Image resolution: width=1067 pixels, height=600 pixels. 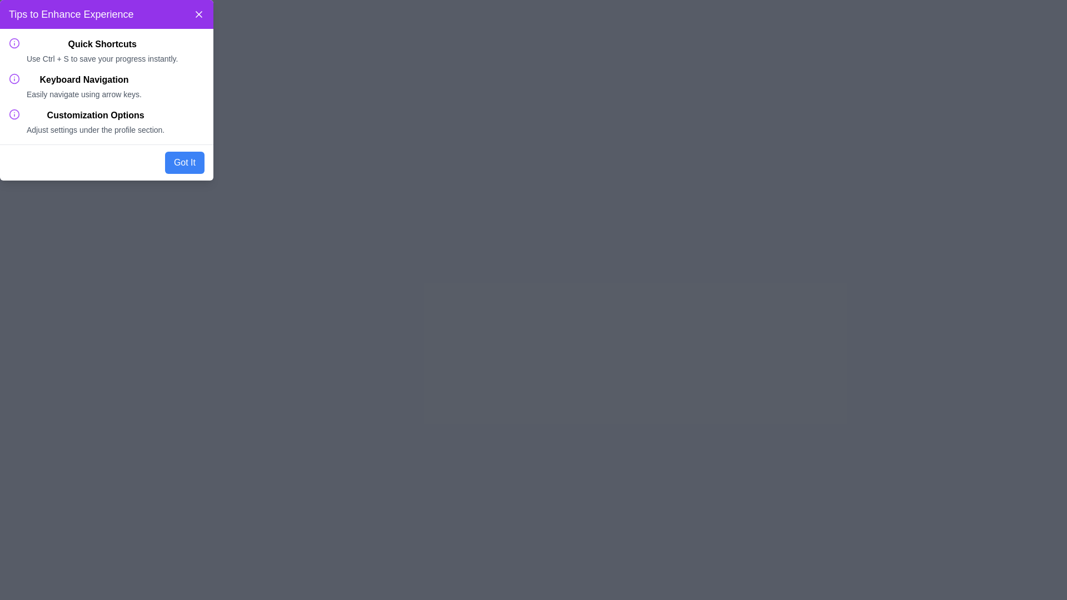 What do you see at coordinates (185, 163) in the screenshot?
I see `the rectangular button with rounded corners that reads 'Got It'` at bounding box center [185, 163].